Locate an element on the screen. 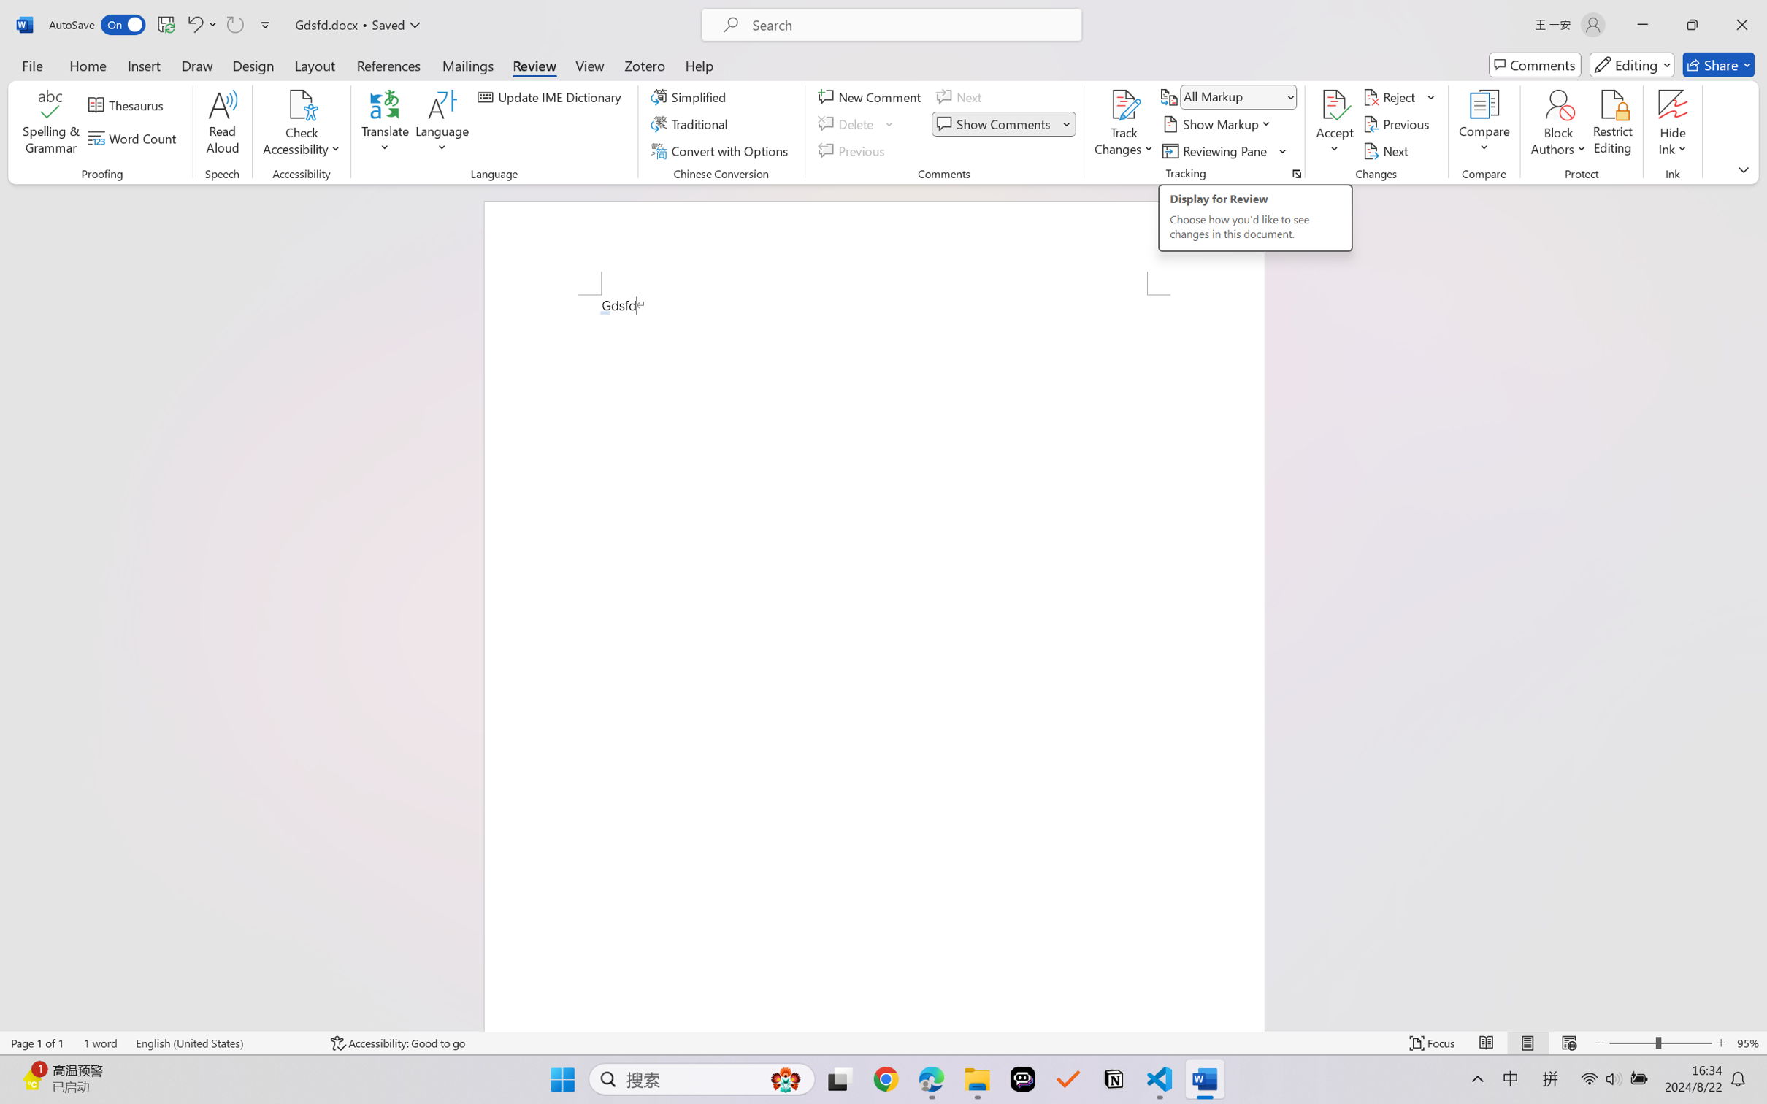 This screenshot has width=1767, height=1104. 'Restrict Editing' is located at coordinates (1611, 124).